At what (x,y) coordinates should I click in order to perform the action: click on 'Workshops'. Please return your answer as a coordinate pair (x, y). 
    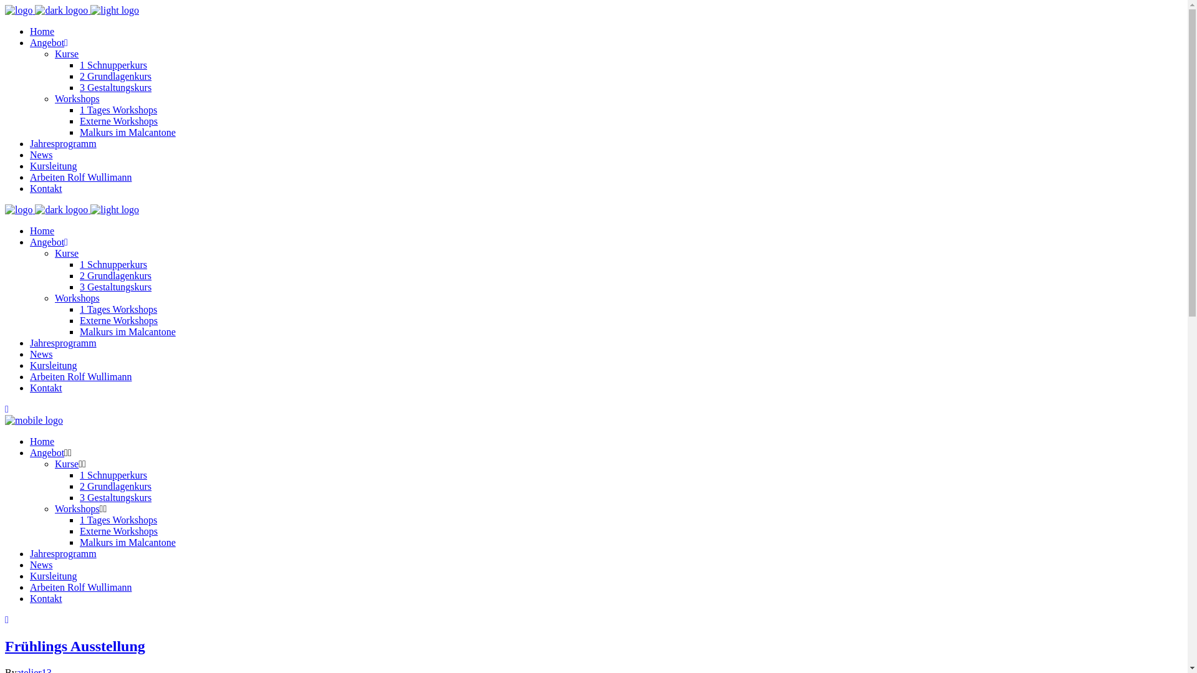
    Looking at the image, I should click on (54, 508).